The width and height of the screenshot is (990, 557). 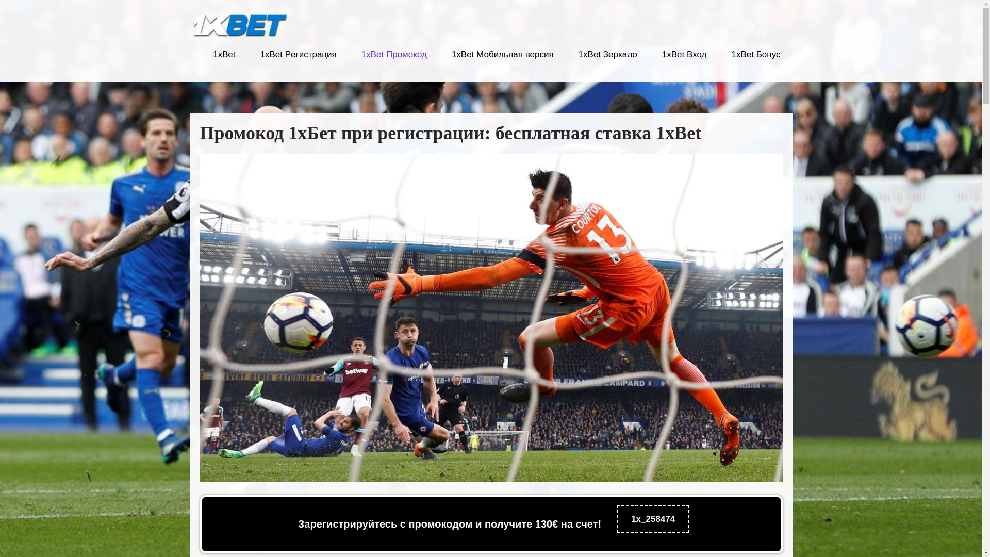 What do you see at coordinates (223, 60) in the screenshot?
I see `'1xBet'` at bounding box center [223, 60].